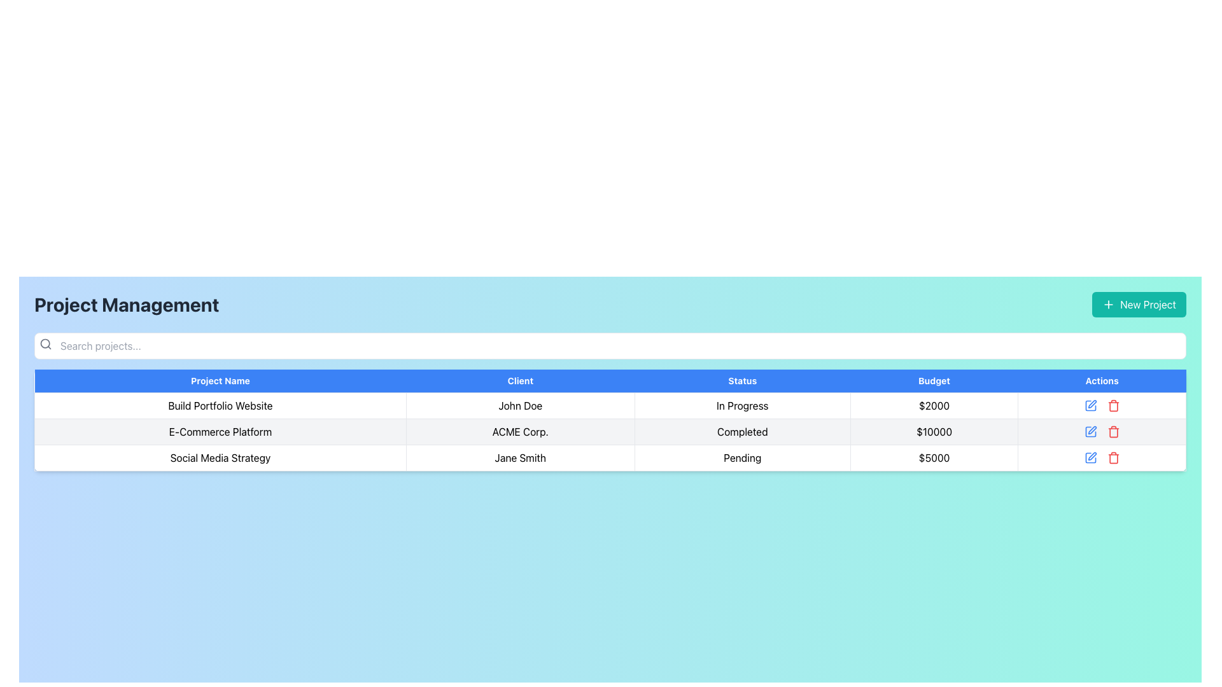 This screenshot has width=1222, height=687. I want to click on text from the Table Cell displaying 'Completed' in bold style, located in the 'Status' column of the table for the project 'E-Commerce Platform' by 'ACME Corp.', so click(742, 431).